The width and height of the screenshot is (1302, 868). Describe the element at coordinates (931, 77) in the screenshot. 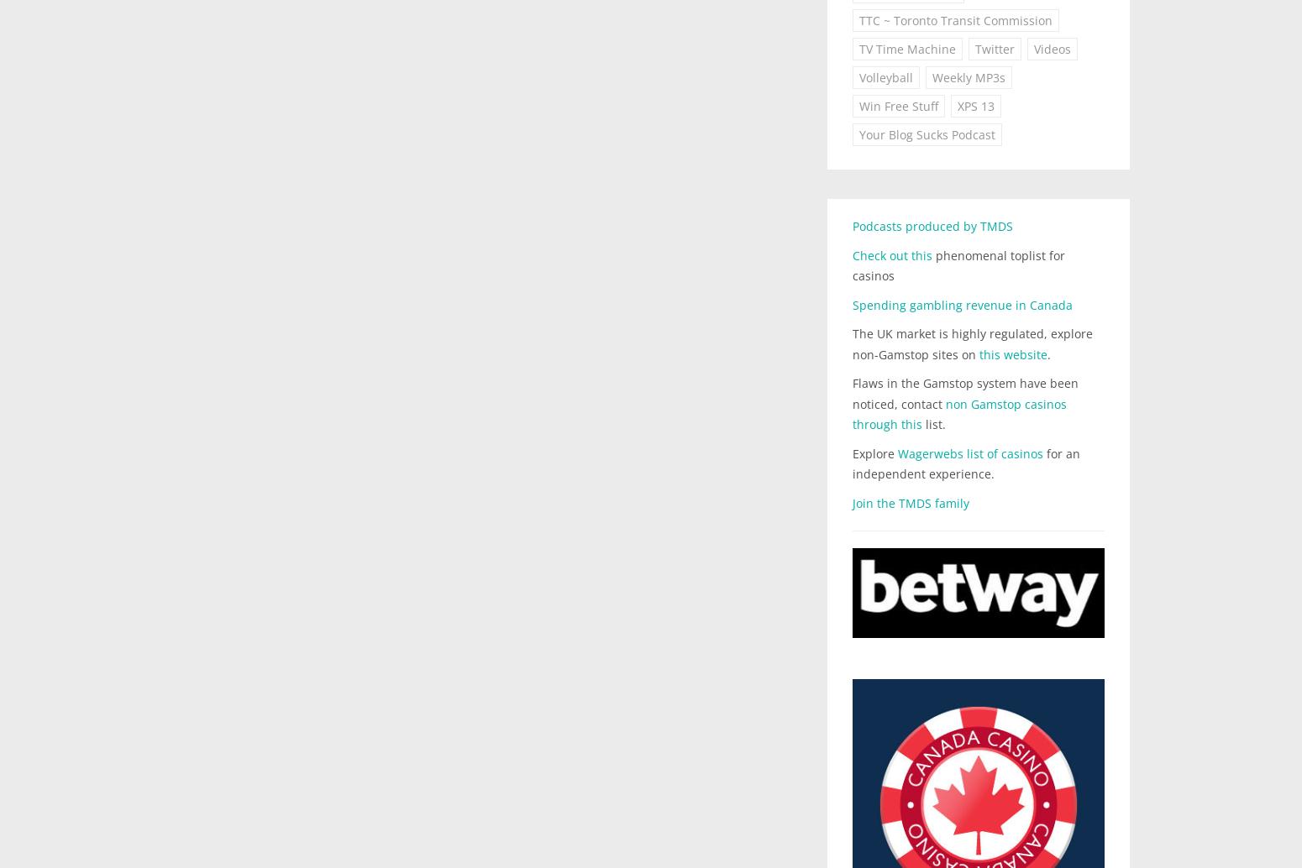

I see `'Weekly MP3s'` at that location.